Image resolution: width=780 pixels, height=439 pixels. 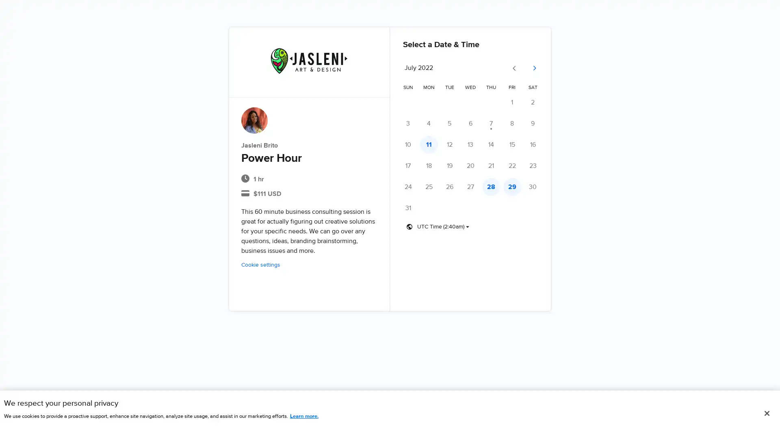 What do you see at coordinates (766, 413) in the screenshot?
I see `Close` at bounding box center [766, 413].